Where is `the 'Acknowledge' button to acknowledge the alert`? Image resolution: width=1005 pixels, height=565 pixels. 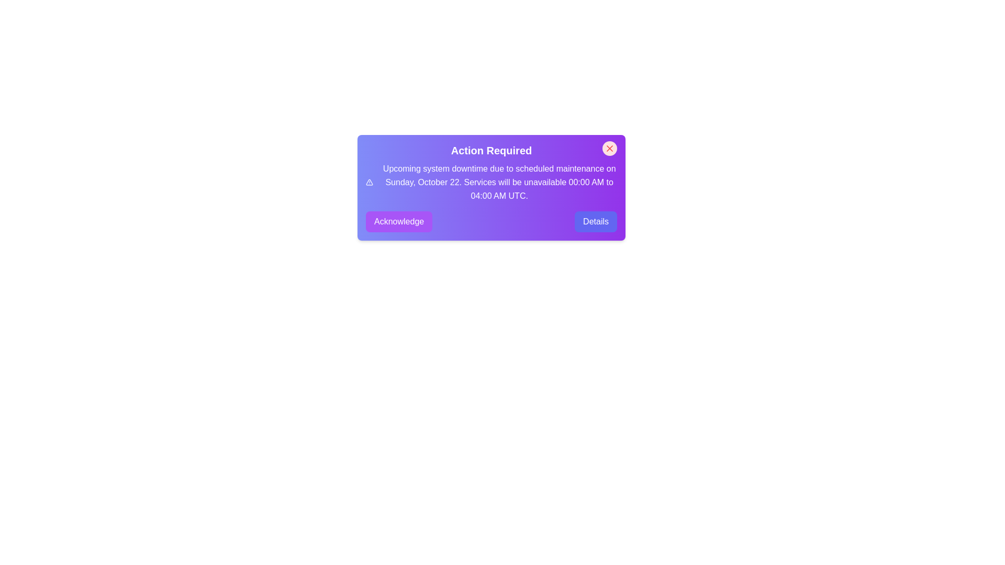 the 'Acknowledge' button to acknowledge the alert is located at coordinates (398, 221).